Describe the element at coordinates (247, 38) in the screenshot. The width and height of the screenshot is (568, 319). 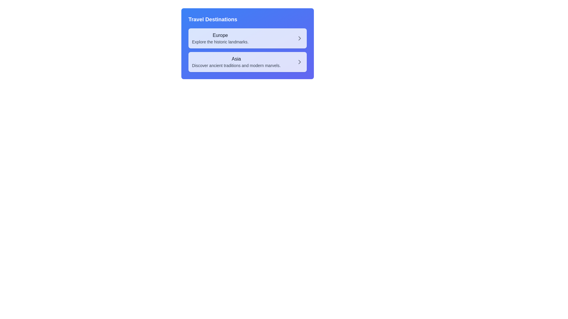
I see `the 'Europe' button with a light background and rounded corners` at that location.